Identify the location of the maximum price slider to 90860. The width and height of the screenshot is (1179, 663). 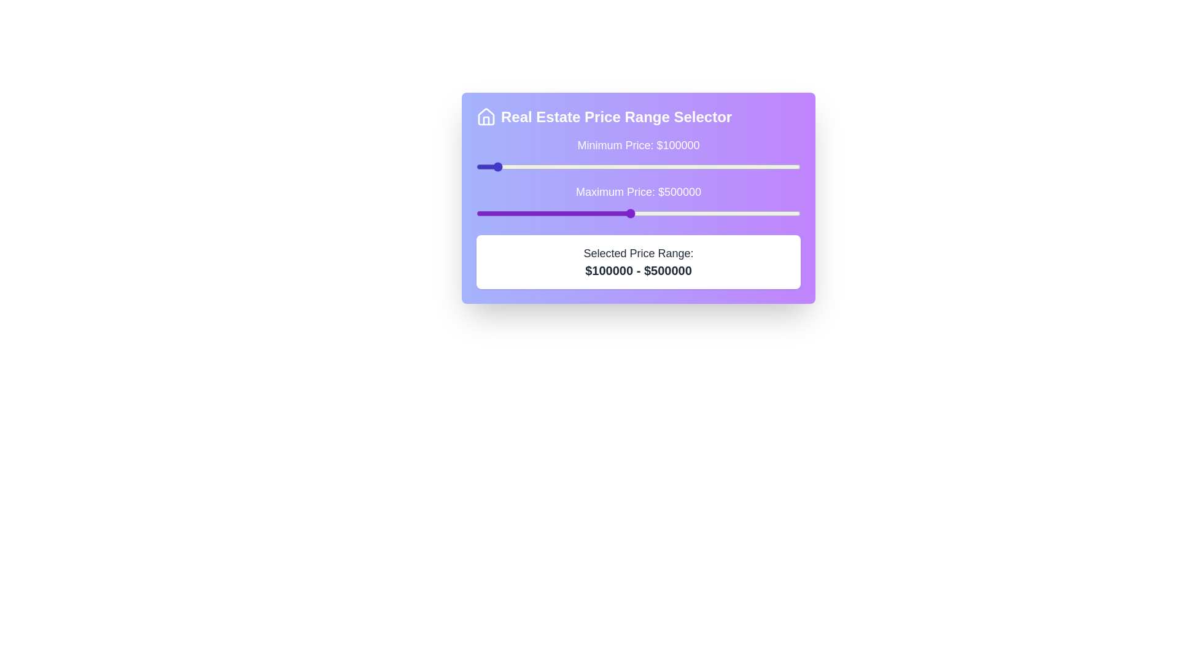
(489, 212).